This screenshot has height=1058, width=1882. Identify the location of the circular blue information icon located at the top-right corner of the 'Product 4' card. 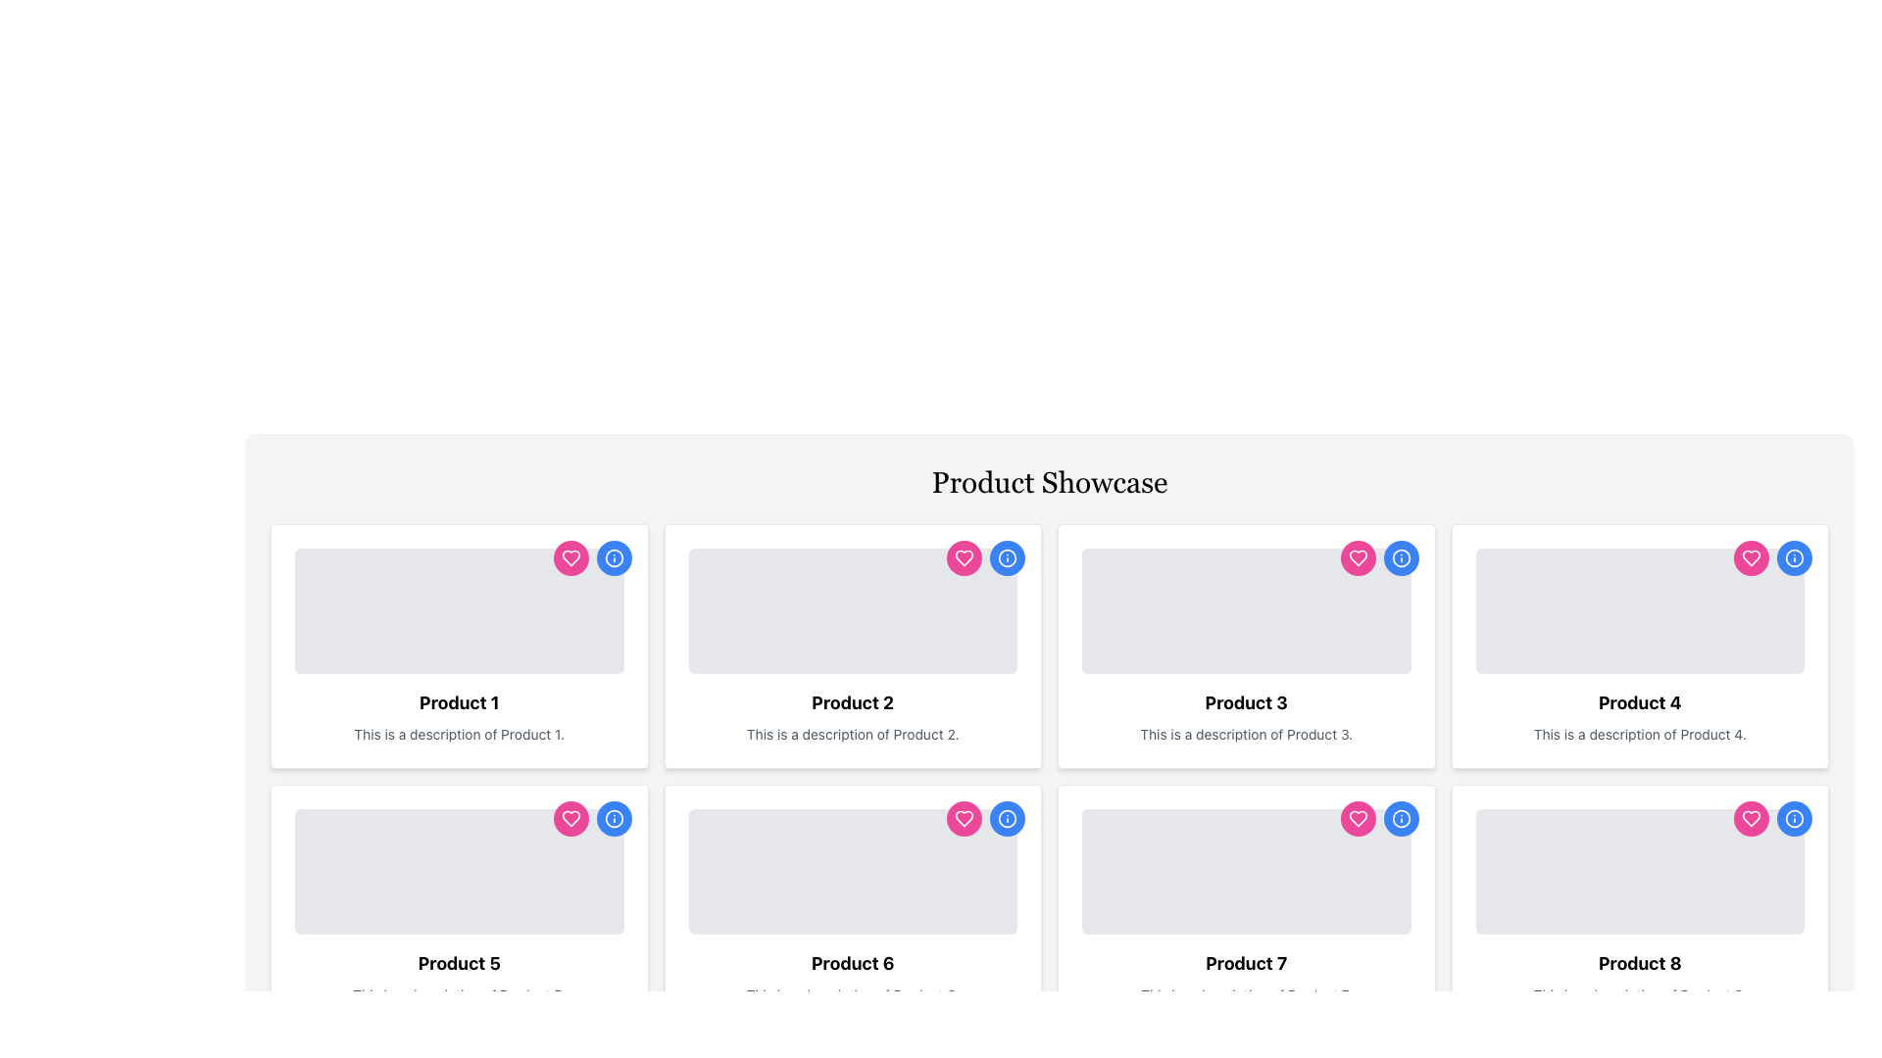
(1400, 558).